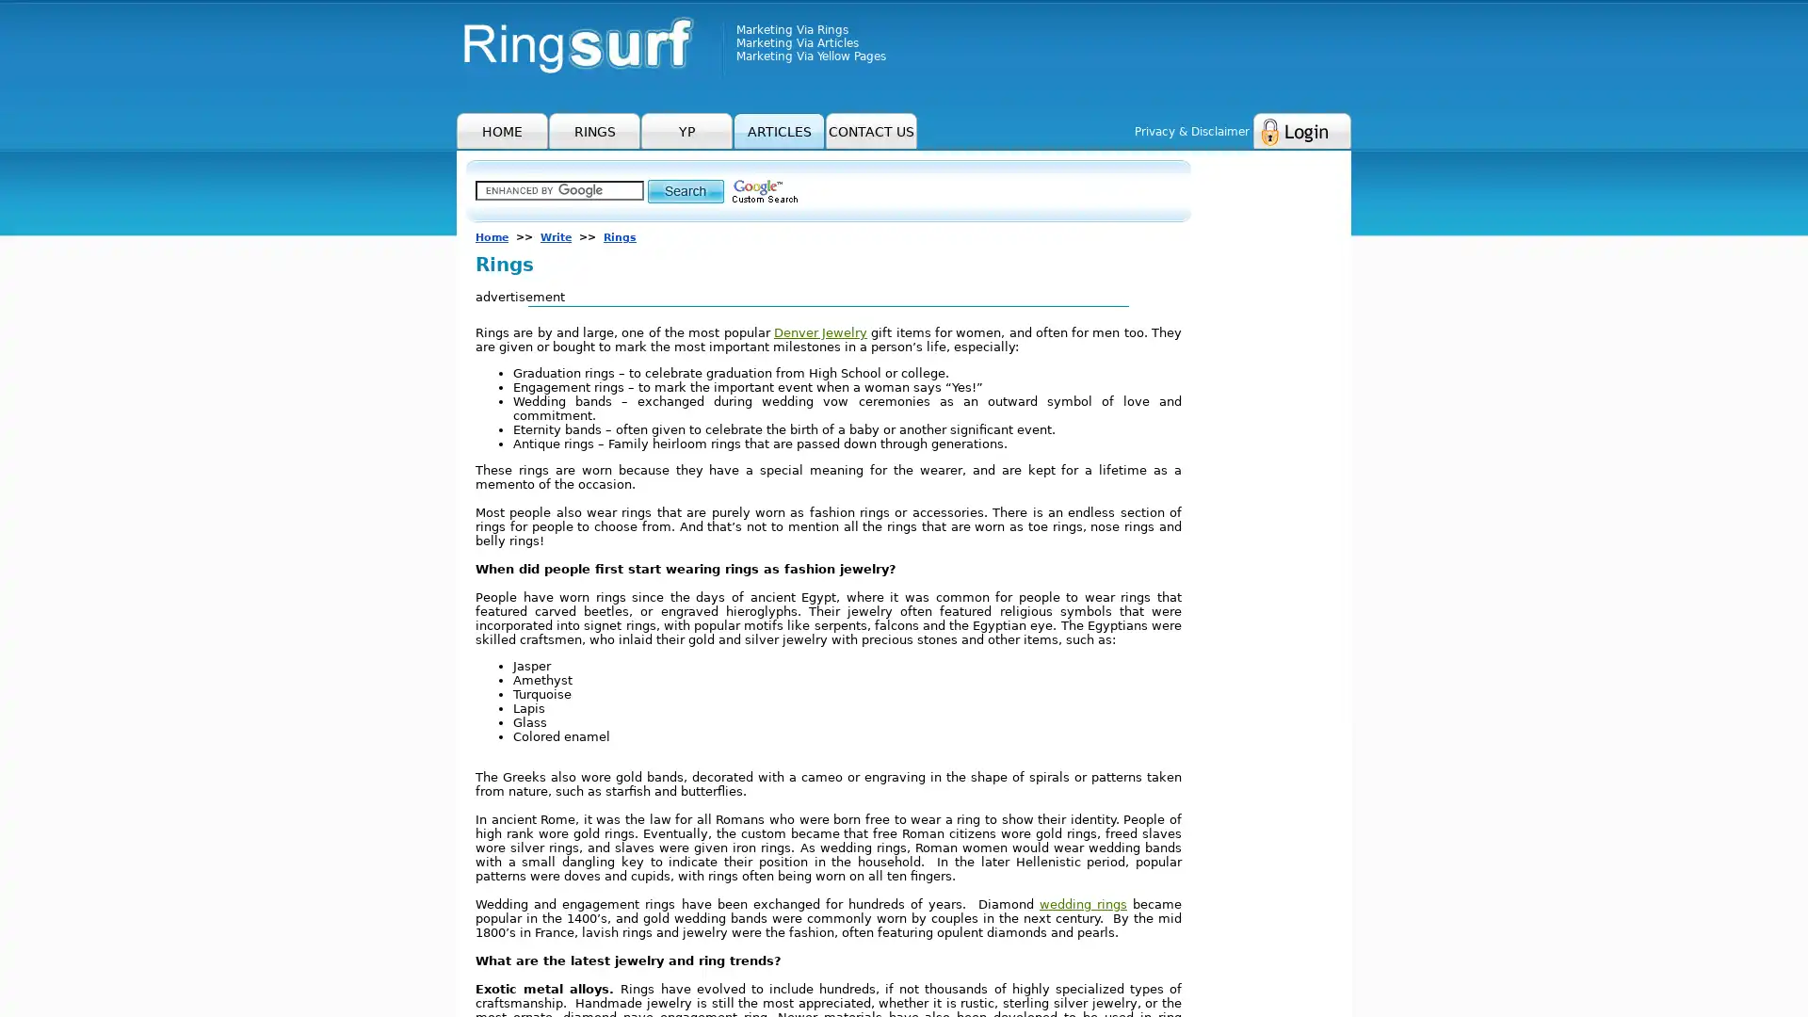 This screenshot has width=1808, height=1017. What do you see at coordinates (685, 190) in the screenshot?
I see `Submit` at bounding box center [685, 190].